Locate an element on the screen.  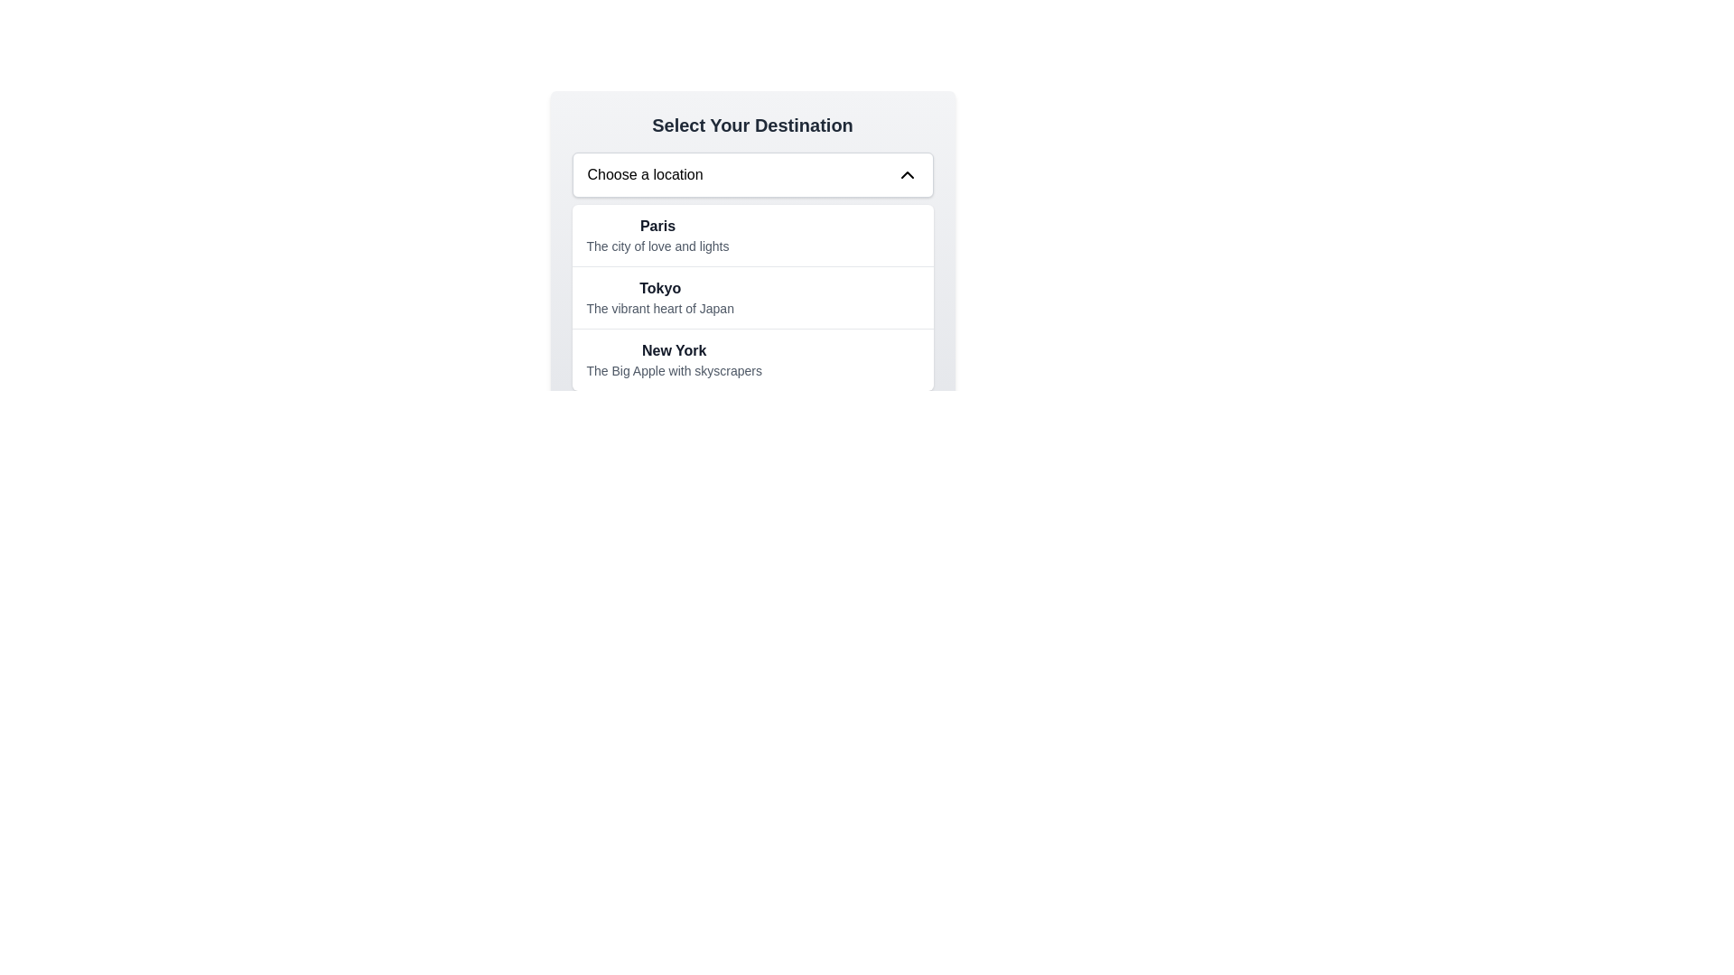
on the list item labeled 'New York' within the dropdown menu is located at coordinates (673, 359).